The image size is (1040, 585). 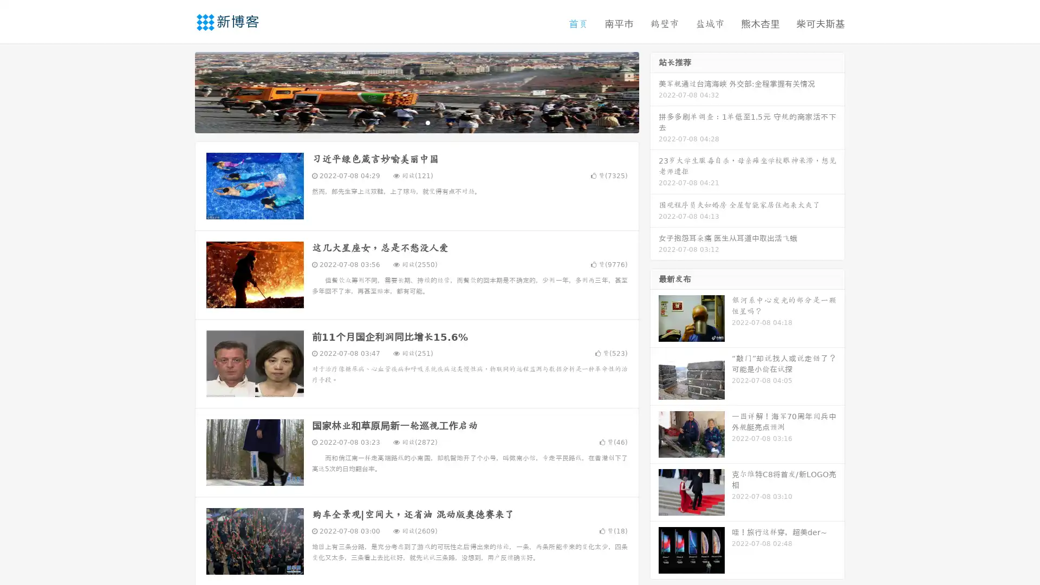 What do you see at coordinates (179, 91) in the screenshot?
I see `Previous slide` at bounding box center [179, 91].